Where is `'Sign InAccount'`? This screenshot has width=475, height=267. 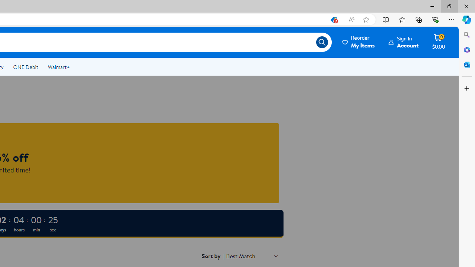
'Sign InAccount' is located at coordinates (403, 42).